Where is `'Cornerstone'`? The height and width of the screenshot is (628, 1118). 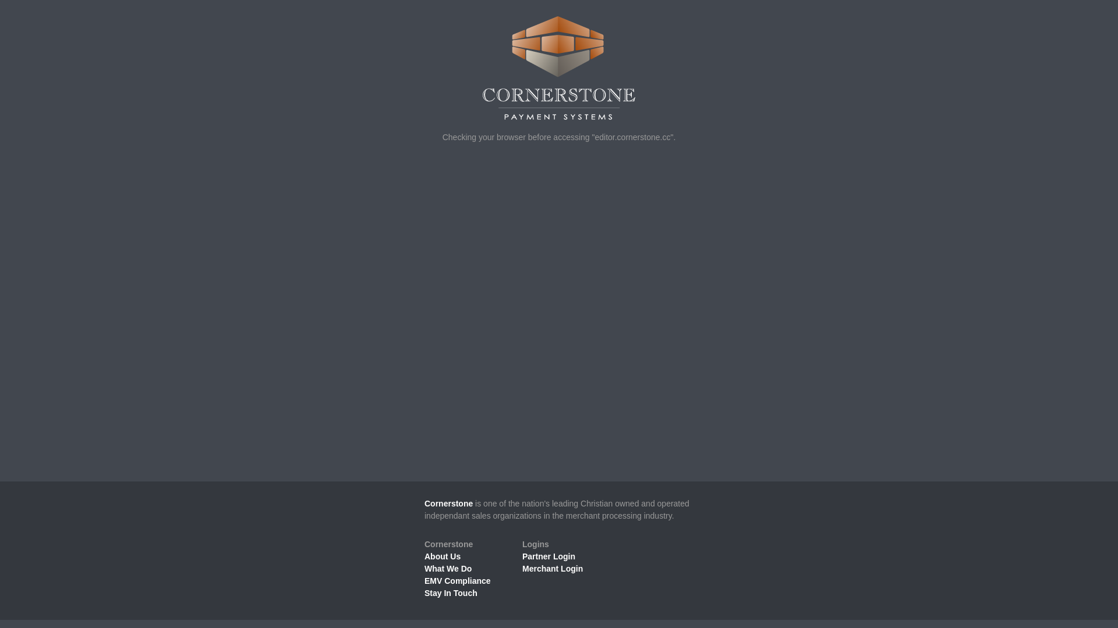
'Cornerstone' is located at coordinates (448, 503).